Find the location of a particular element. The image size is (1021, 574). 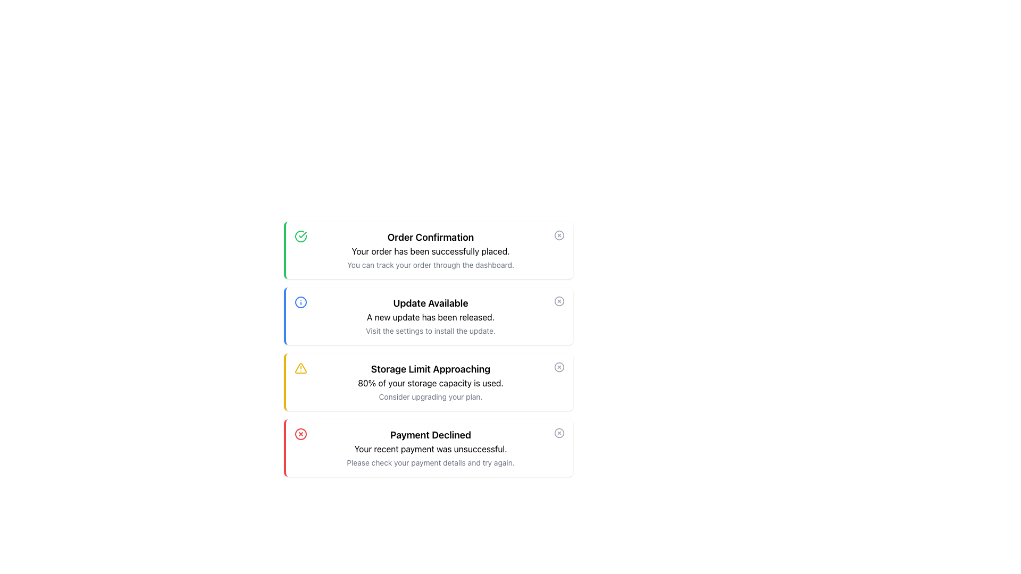

notification text informing the user about critical storage usage and the need to consider upgrading their plan, located in the primary content section of the notification card in the third row of the notification list is located at coordinates (431, 381).